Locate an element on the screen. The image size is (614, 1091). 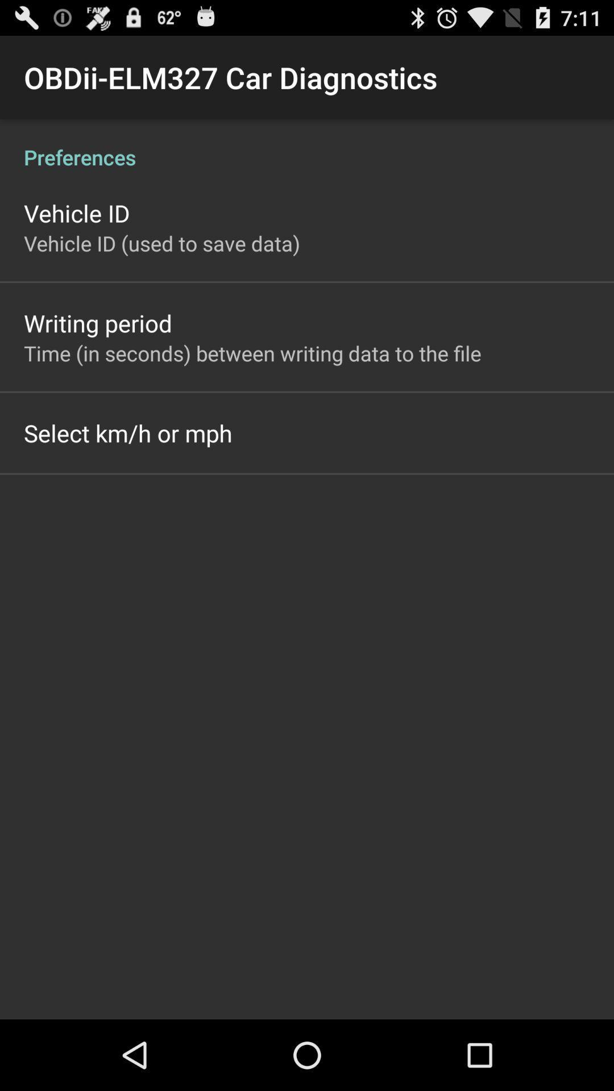
the icon above select km h is located at coordinates (252, 352).